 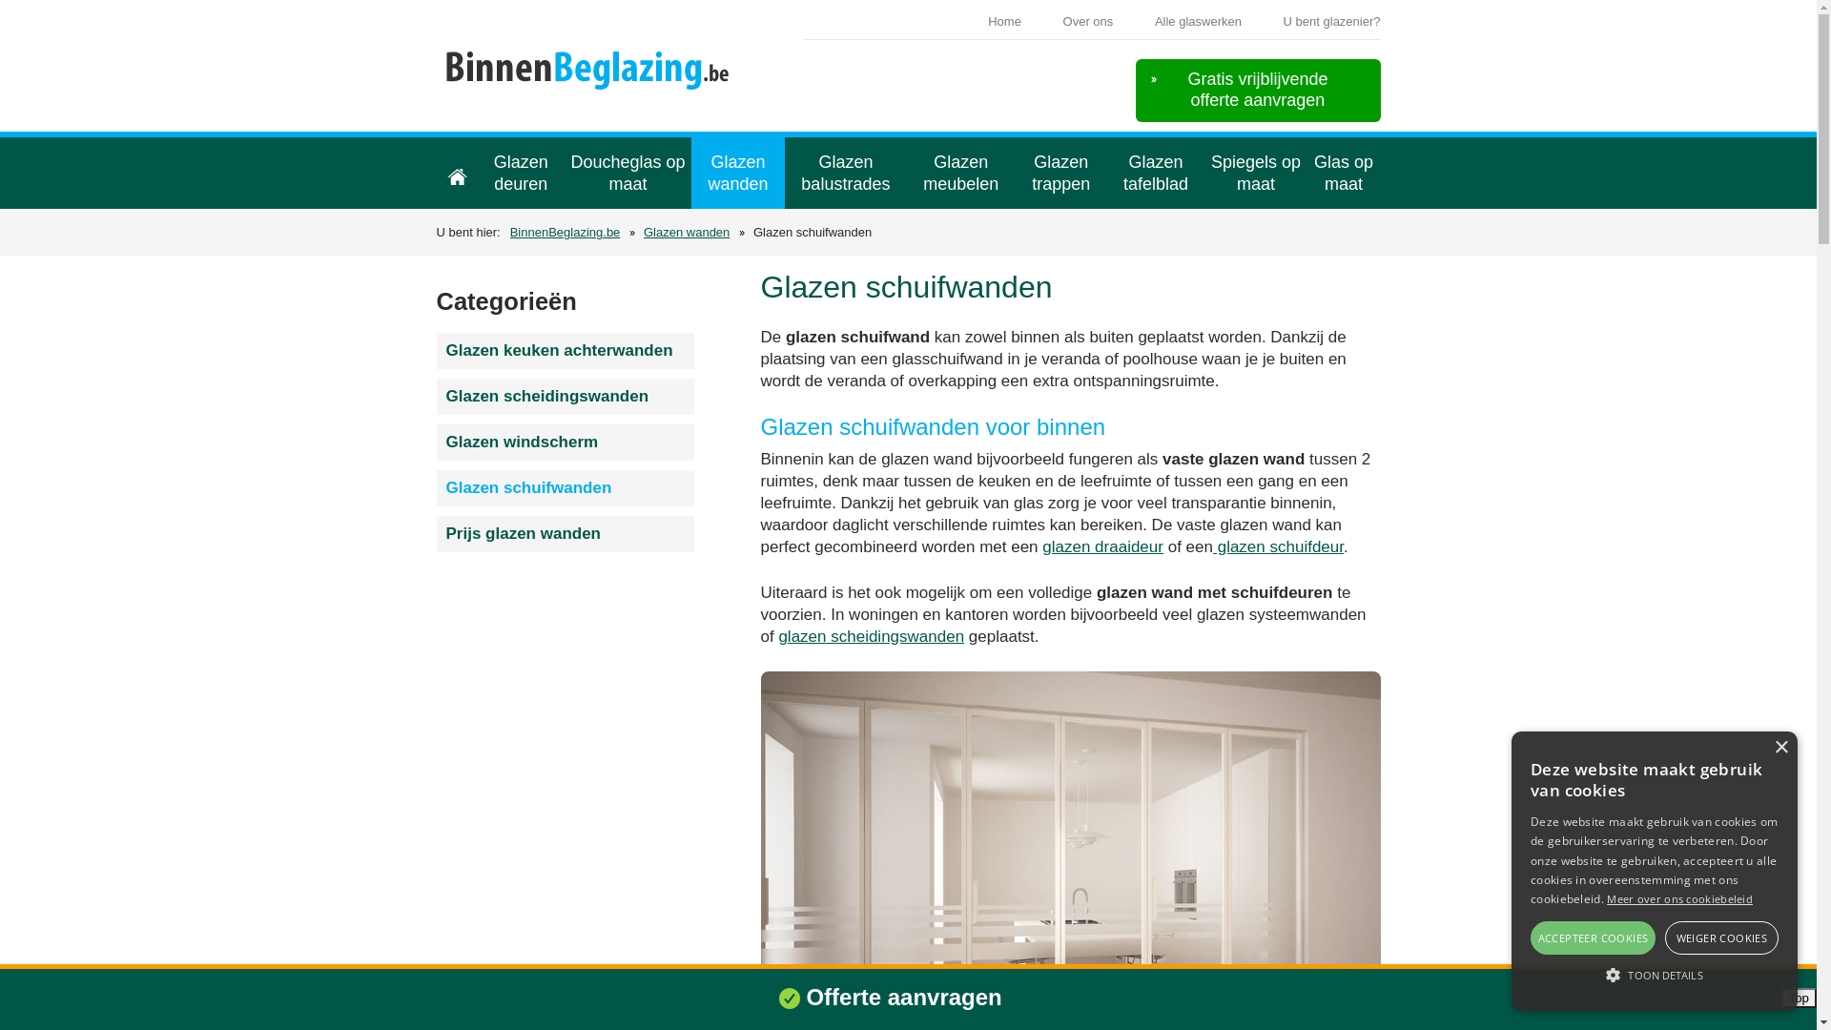 What do you see at coordinates (509, 231) in the screenshot?
I see `'BinnenBeglazing.be'` at bounding box center [509, 231].